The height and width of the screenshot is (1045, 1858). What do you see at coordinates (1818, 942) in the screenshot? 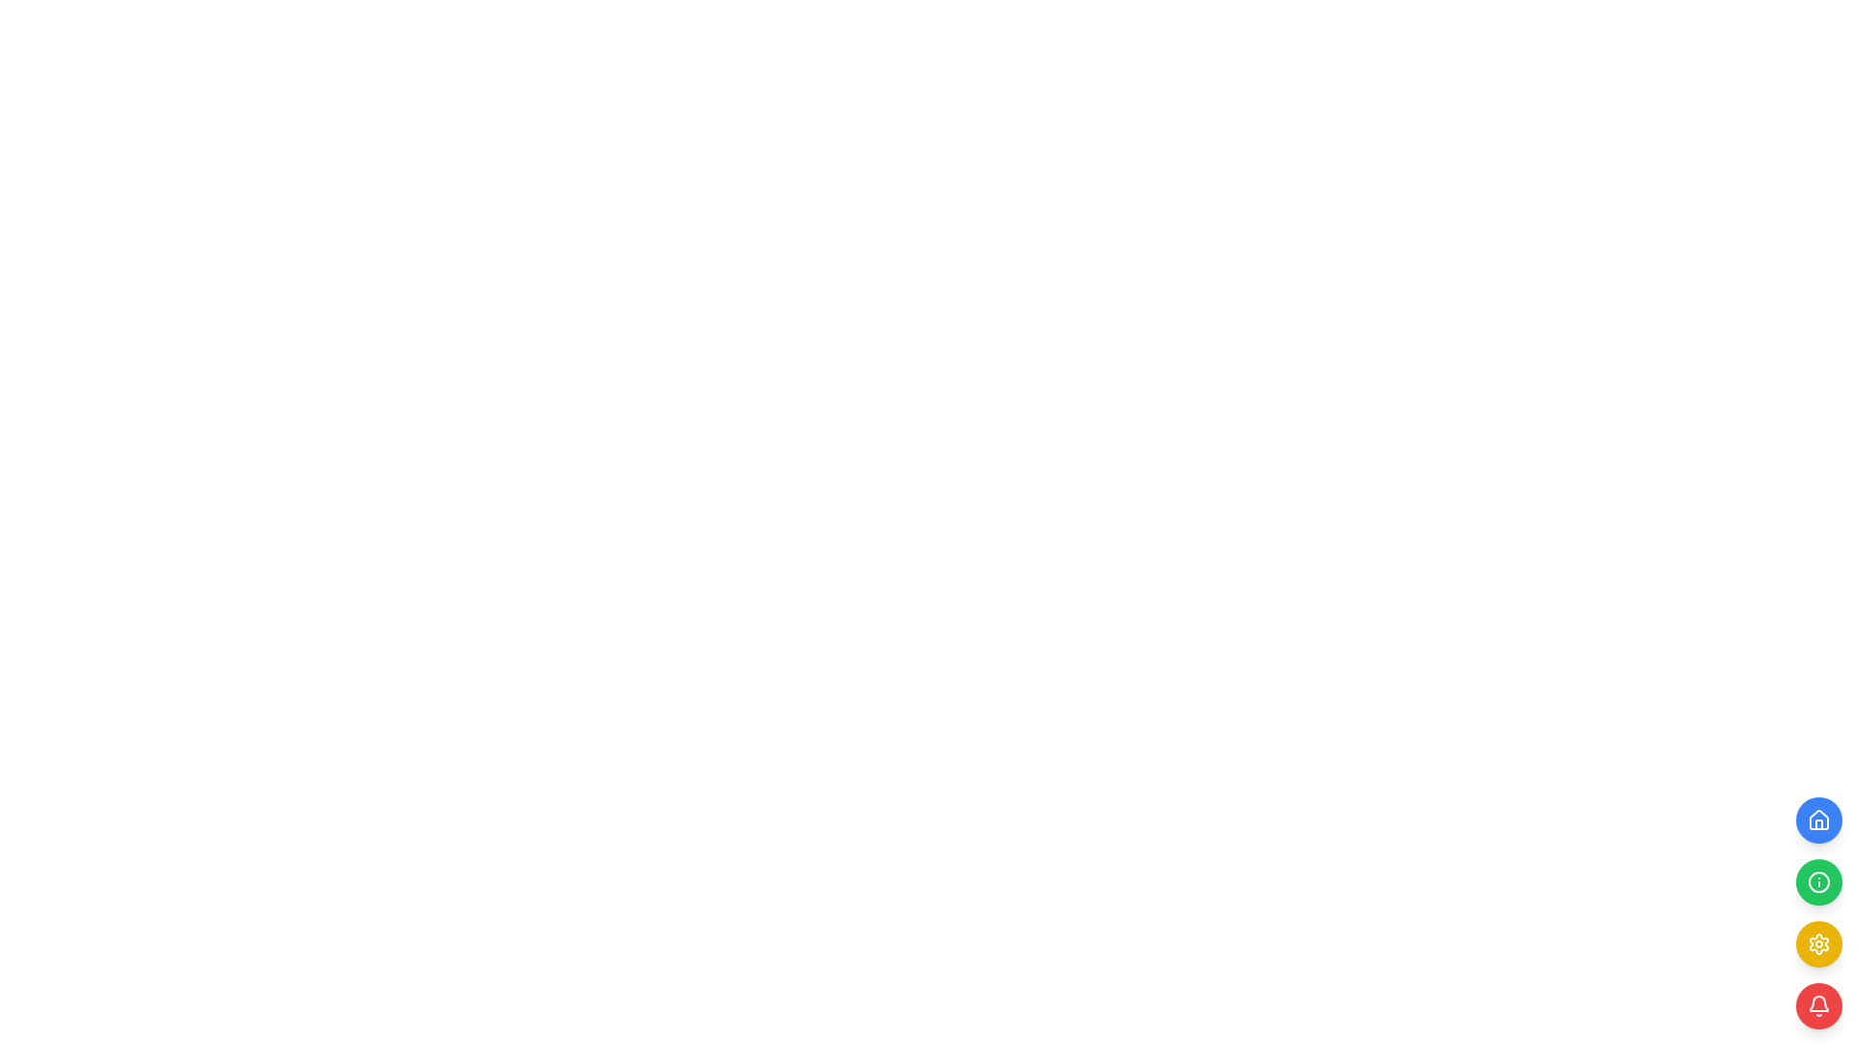
I see `the round button with a yellow background and white gear icon in the bottom-right corner` at bounding box center [1818, 942].